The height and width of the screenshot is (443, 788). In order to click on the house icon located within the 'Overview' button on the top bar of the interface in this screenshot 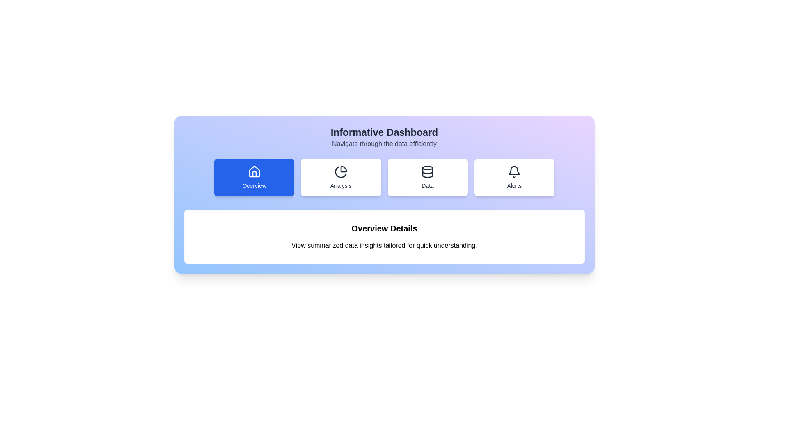, I will do `click(254, 171)`.